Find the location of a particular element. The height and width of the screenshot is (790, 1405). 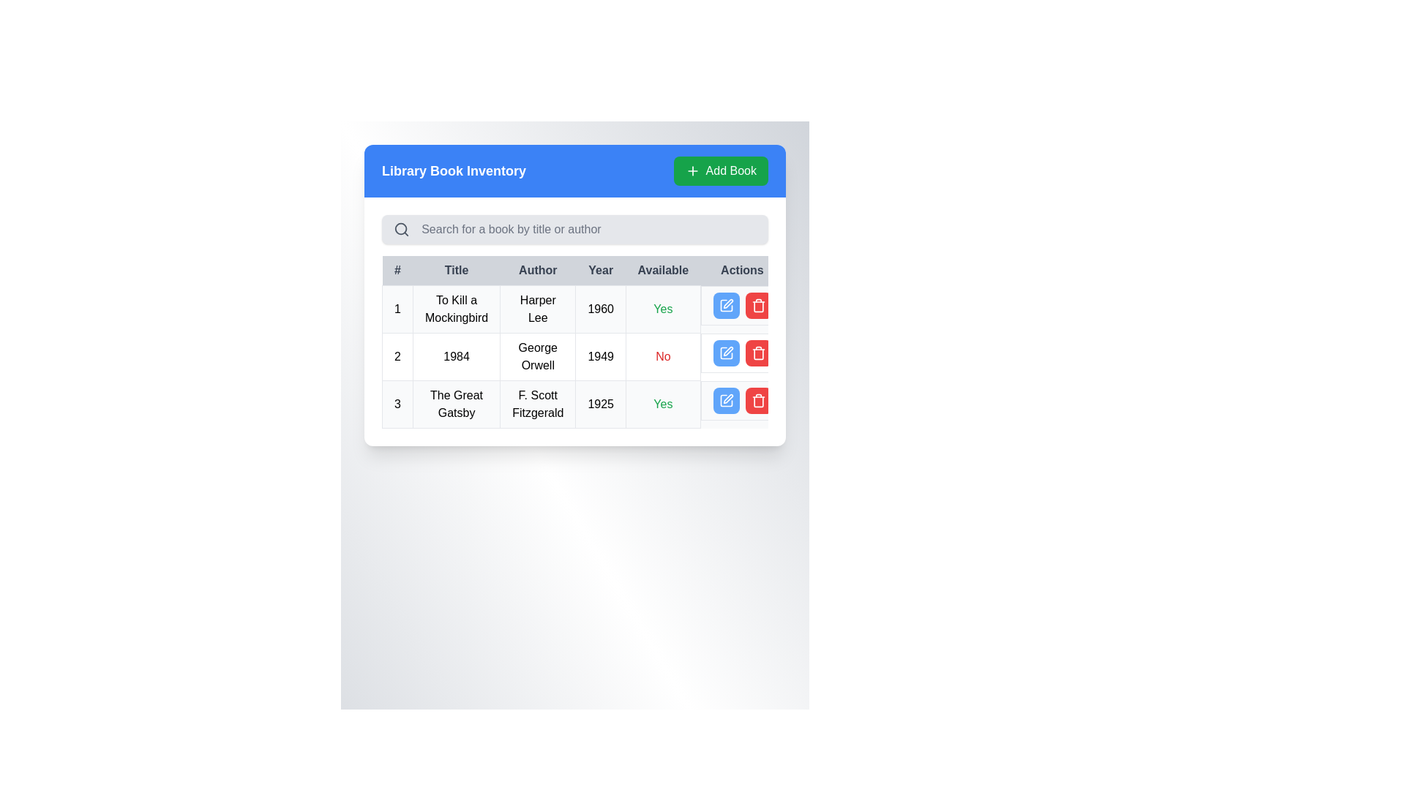

the text display field in the table that shows the year associated with the book 'The Great Gatsby', located in the fourth column and third row, adjacent to 'F. Scott Fitzgerald' and 'Yes' is located at coordinates (601, 404).